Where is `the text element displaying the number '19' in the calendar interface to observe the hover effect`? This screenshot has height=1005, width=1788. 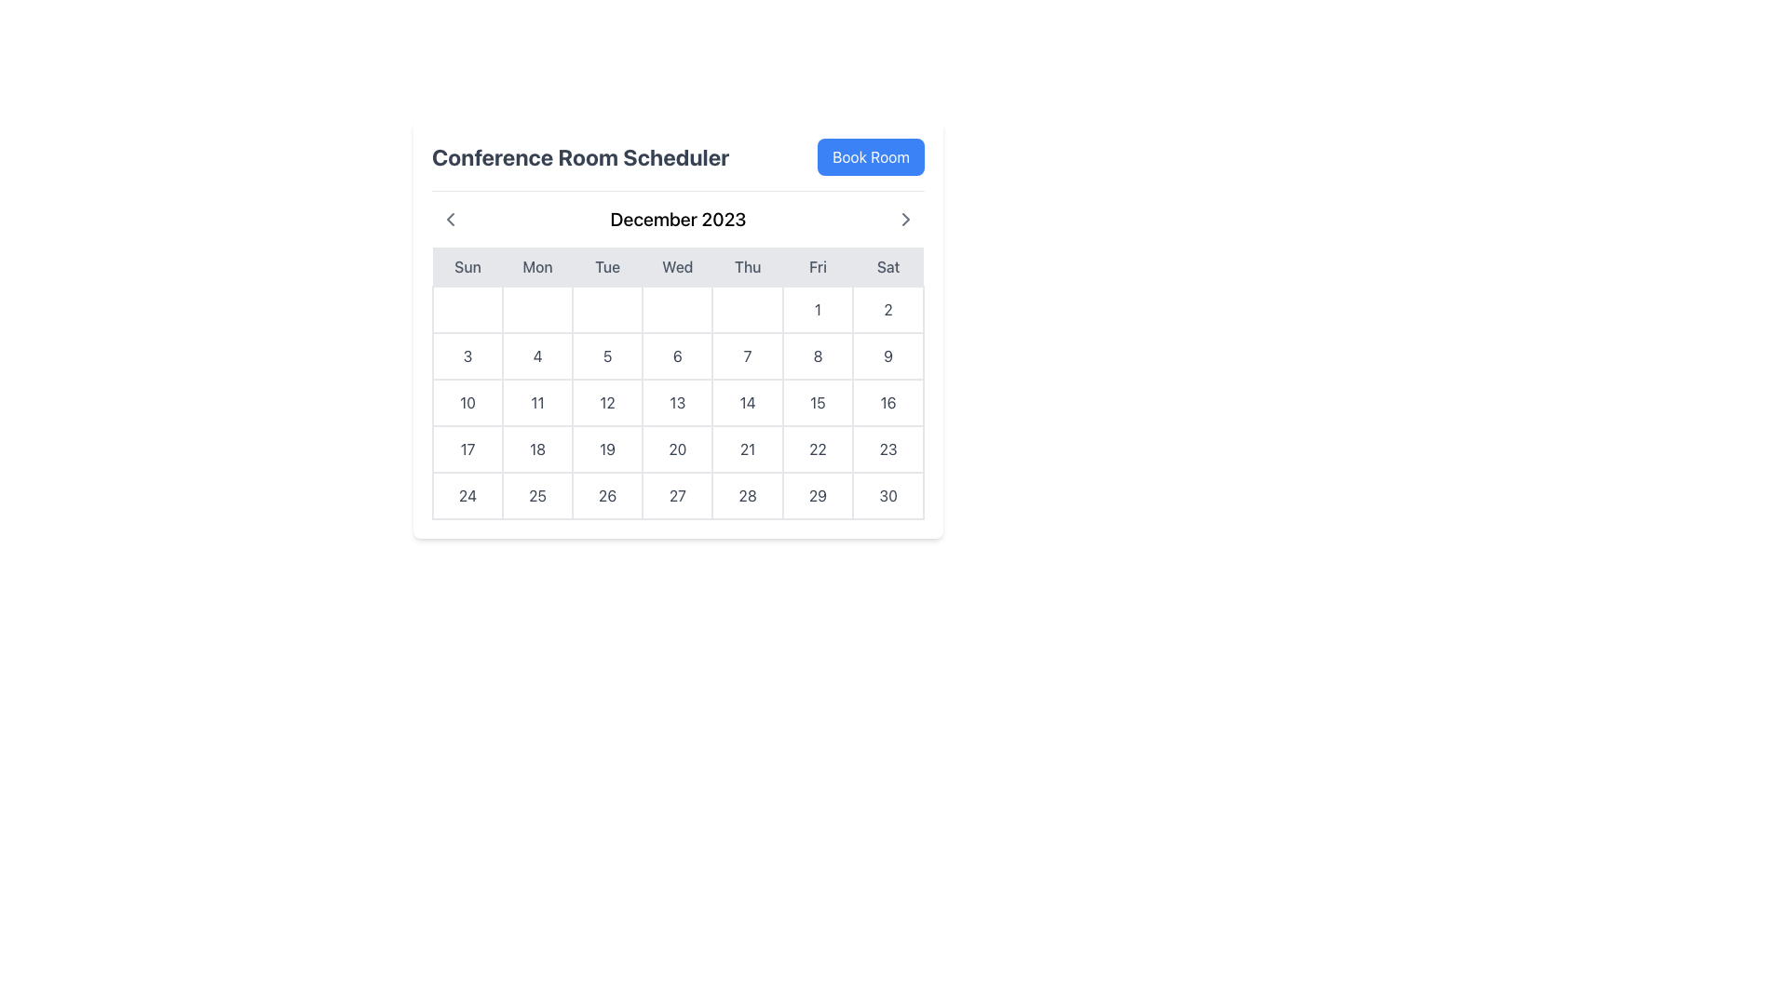 the text element displaying the number '19' in the calendar interface to observe the hover effect is located at coordinates (607, 449).